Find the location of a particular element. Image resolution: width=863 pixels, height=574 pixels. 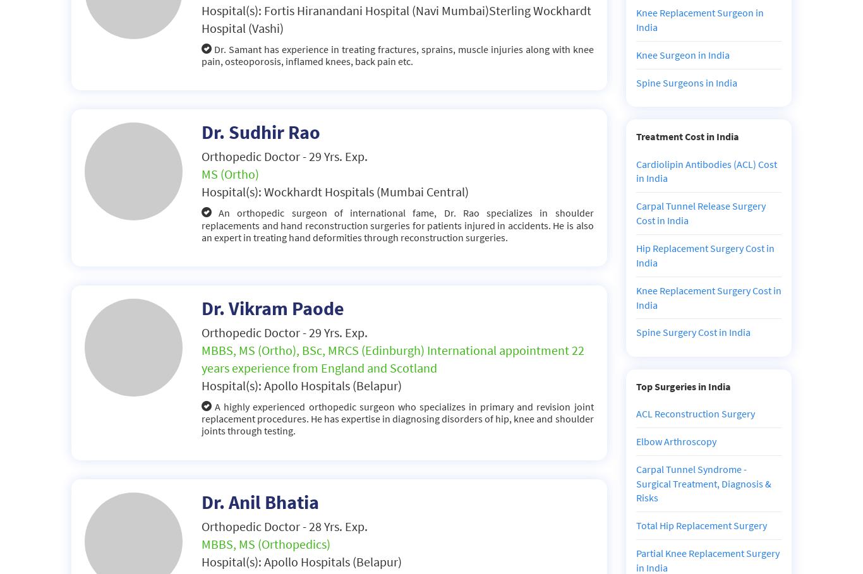

'Orthopedic Doctor - 28 Yrs. Exp.' is located at coordinates (284, 525).